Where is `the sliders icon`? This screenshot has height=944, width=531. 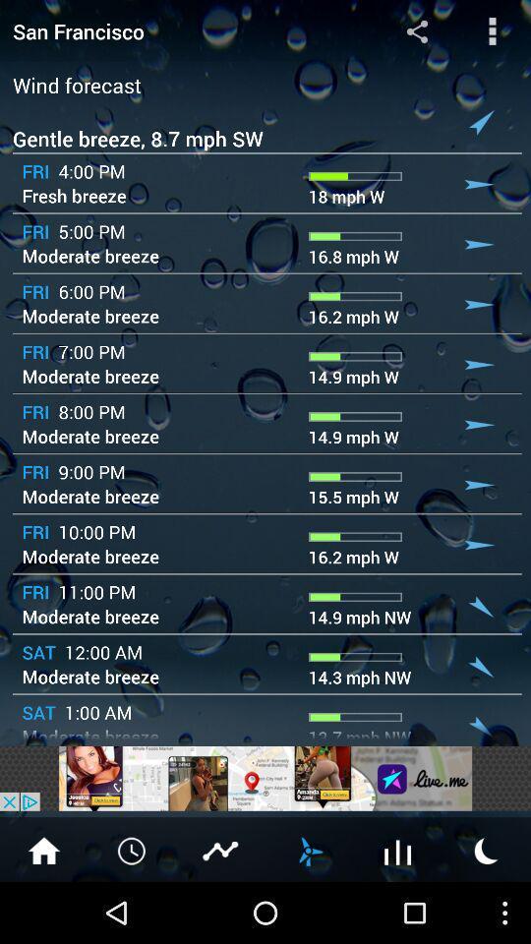 the sliders icon is located at coordinates (398, 910).